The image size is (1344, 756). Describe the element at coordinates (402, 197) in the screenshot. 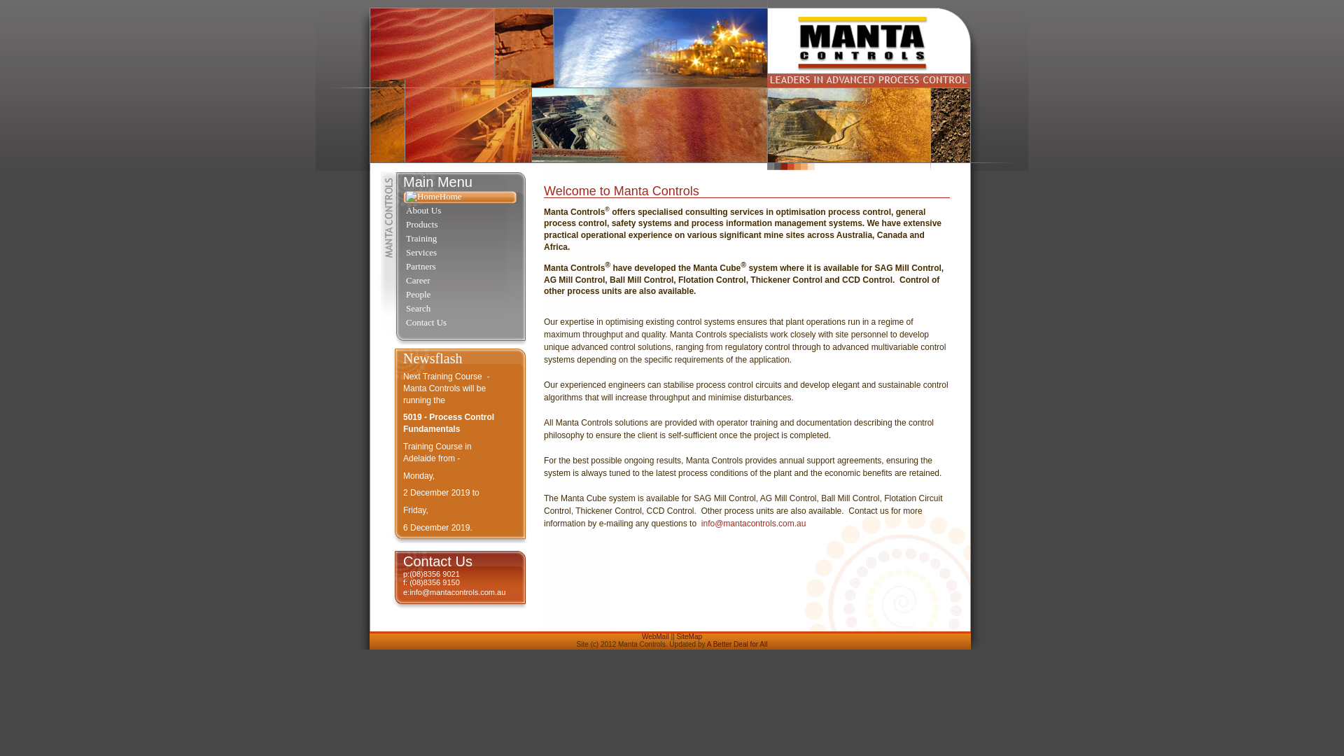

I see `'Home'` at that location.